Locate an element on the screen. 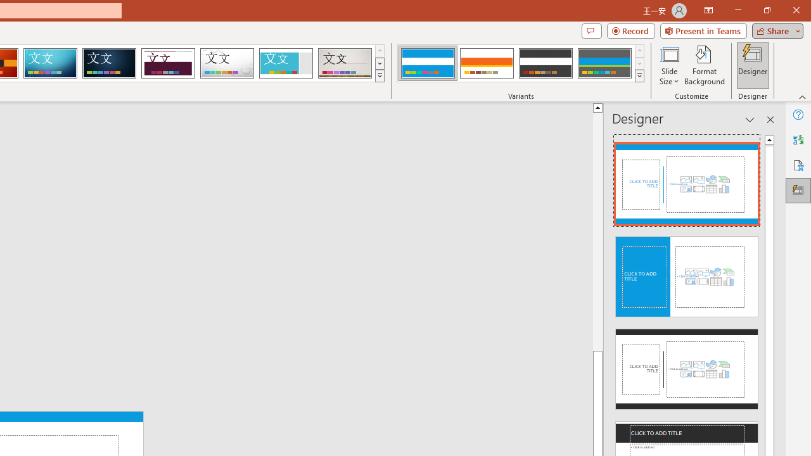  'Banded Variant 1' is located at coordinates (428, 63).